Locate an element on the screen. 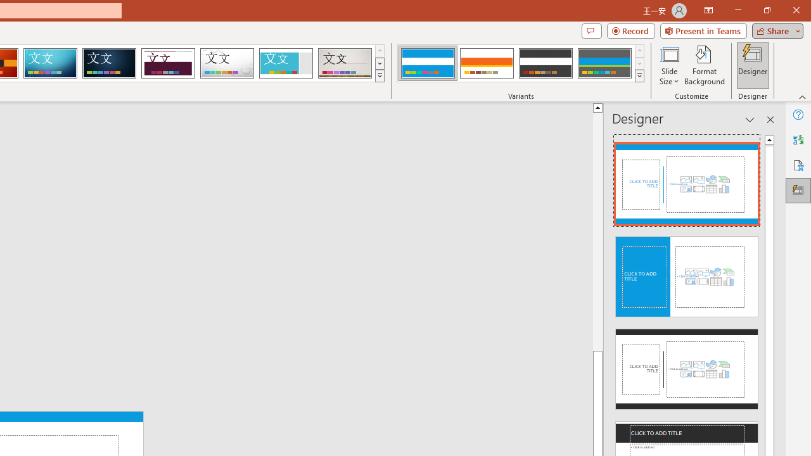  'Banded Variant 1' is located at coordinates (428, 63).